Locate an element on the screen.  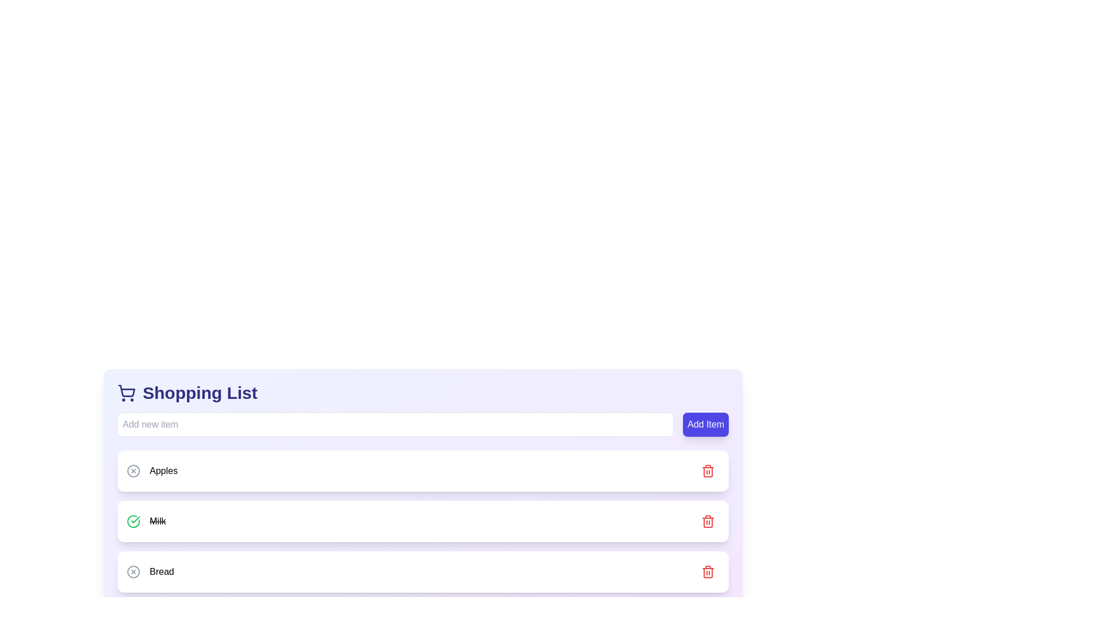
the delete button located on the far right of the 'Milk' item in the shopping list is located at coordinates (707, 522).